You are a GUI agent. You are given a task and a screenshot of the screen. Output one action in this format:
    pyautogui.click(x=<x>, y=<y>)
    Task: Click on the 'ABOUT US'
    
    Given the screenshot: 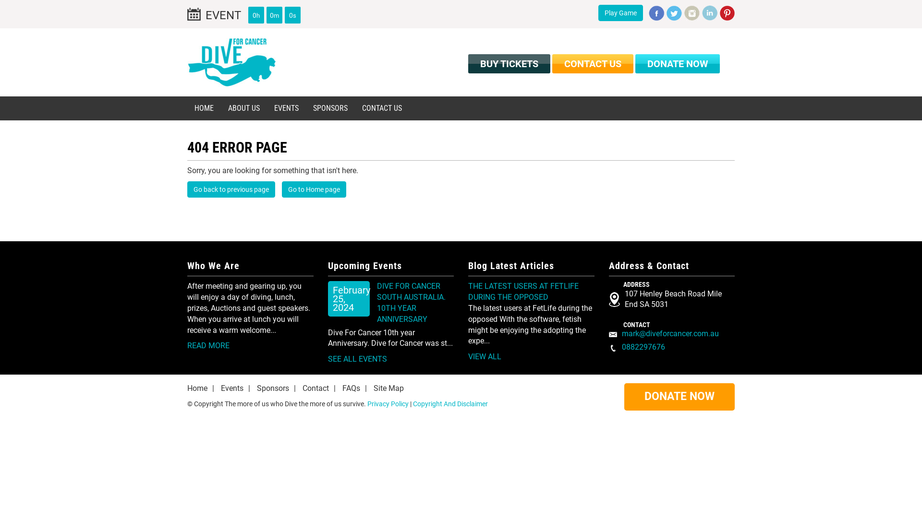 What is the action you would take?
    pyautogui.click(x=244, y=108)
    